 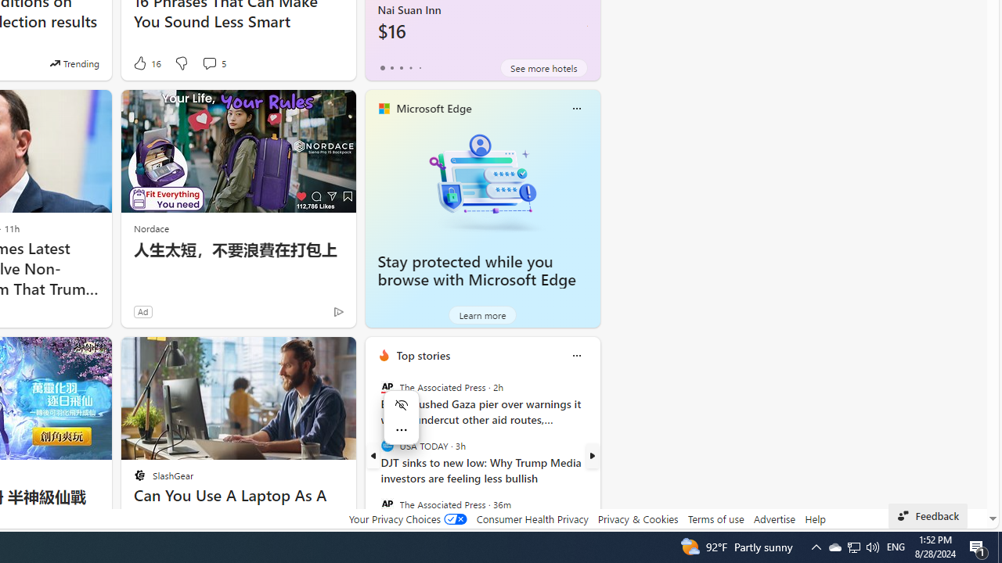 I want to click on 'Mini menu on text selection', so click(x=402, y=427).